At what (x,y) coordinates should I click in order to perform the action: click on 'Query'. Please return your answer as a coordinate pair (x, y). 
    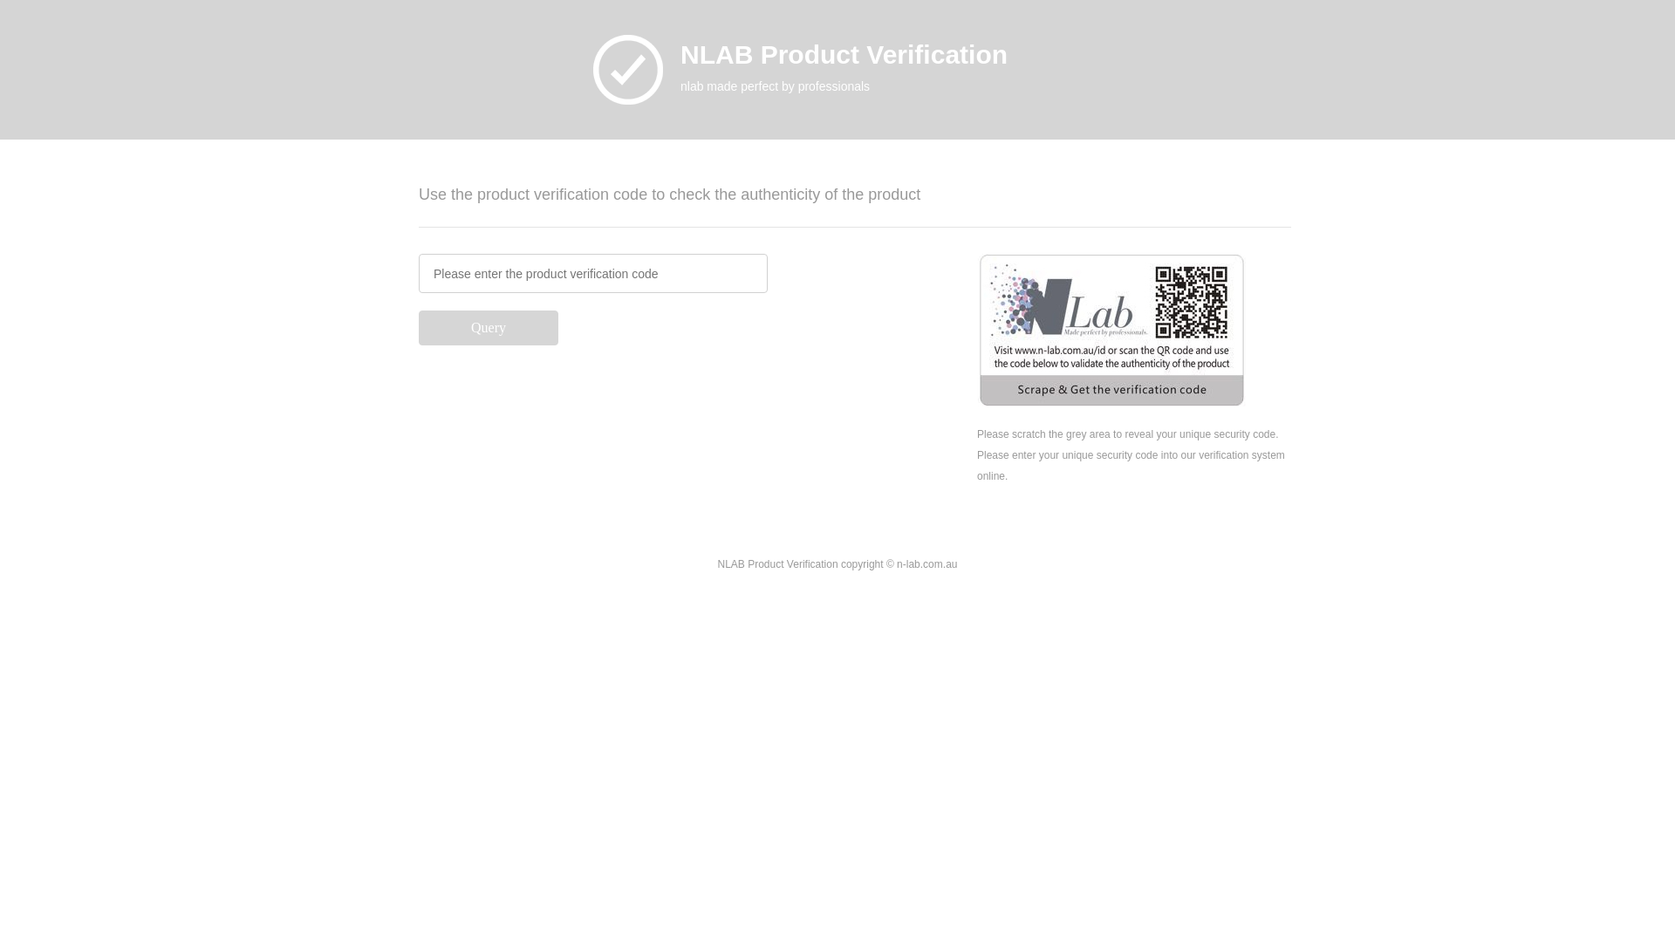
    Looking at the image, I should click on (419, 327).